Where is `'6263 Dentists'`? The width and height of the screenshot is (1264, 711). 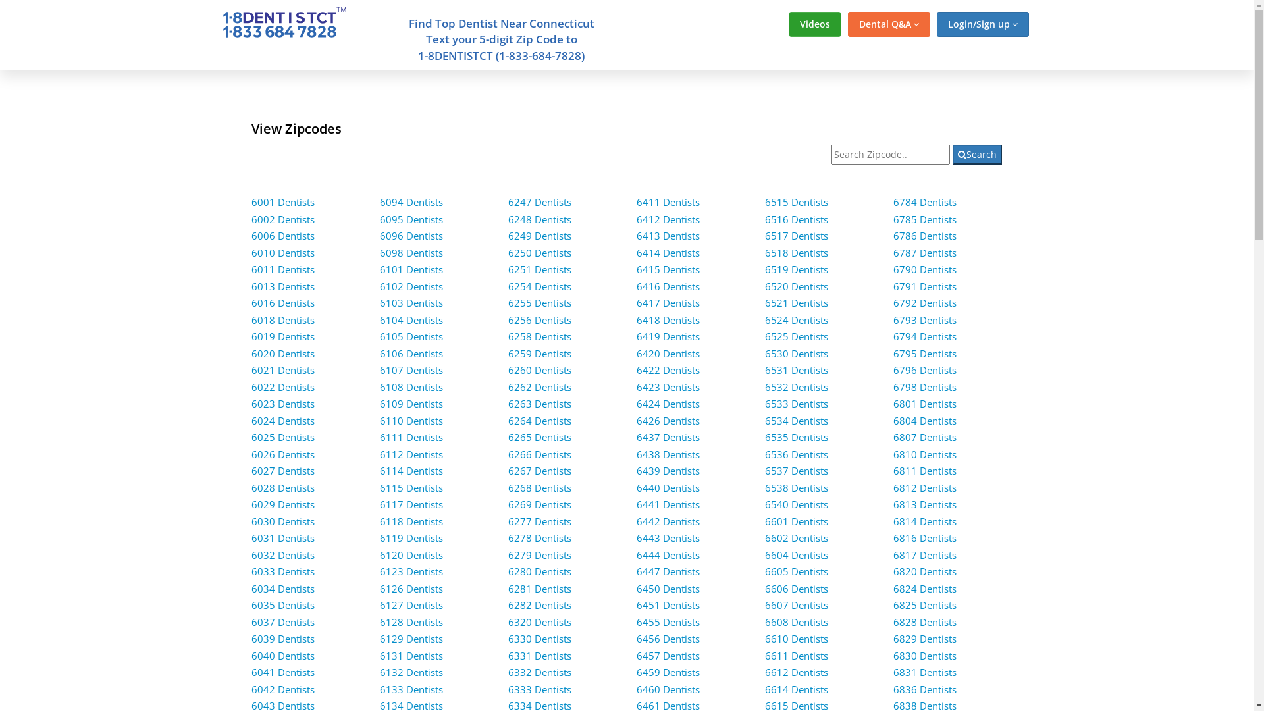 '6263 Dentists' is located at coordinates (540, 403).